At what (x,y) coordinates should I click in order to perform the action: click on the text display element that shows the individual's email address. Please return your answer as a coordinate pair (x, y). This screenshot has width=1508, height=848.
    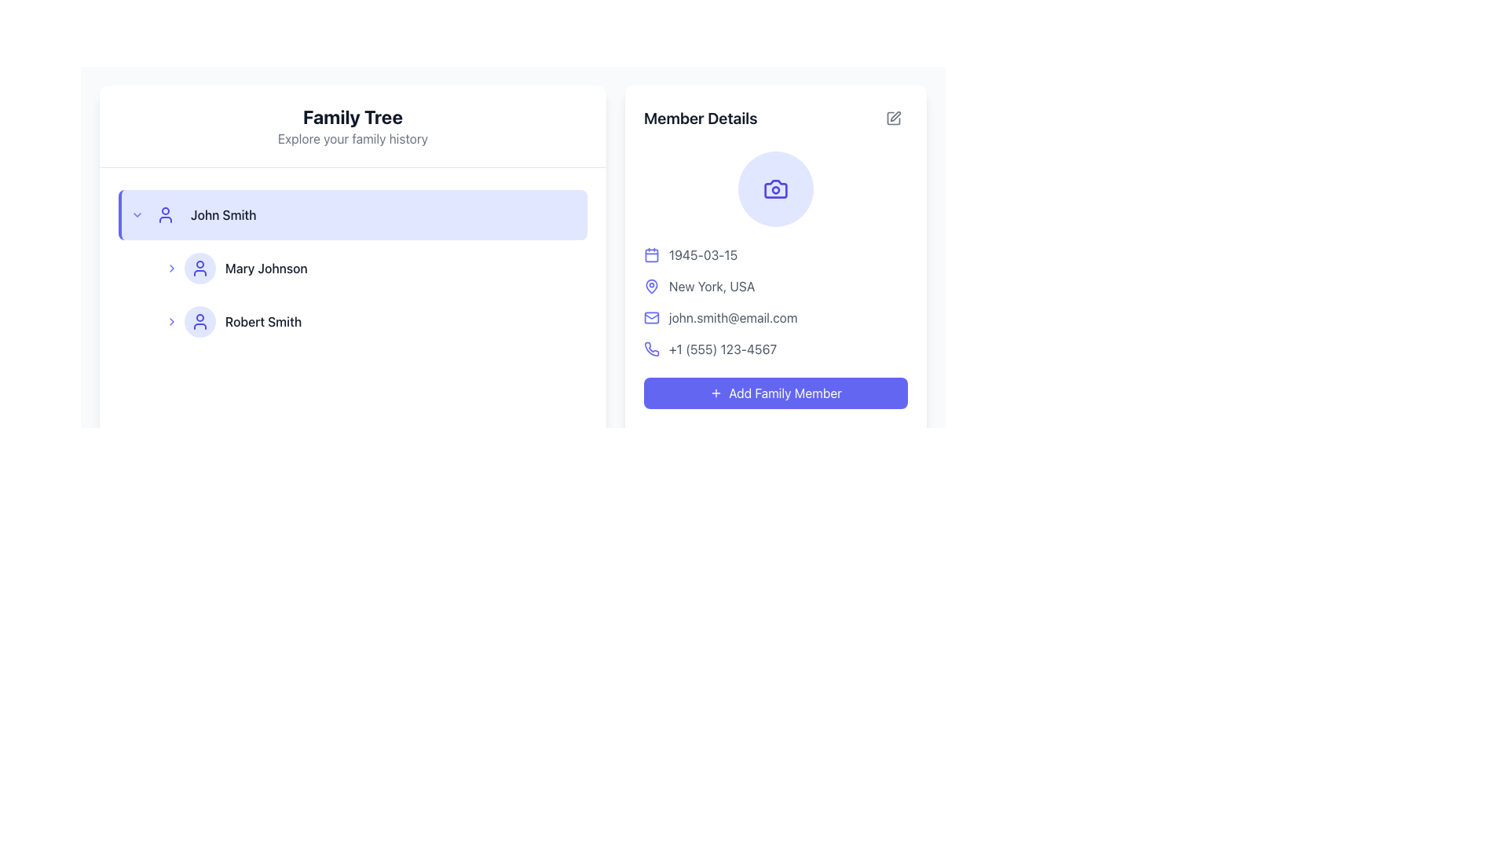
    Looking at the image, I should click on (776, 318).